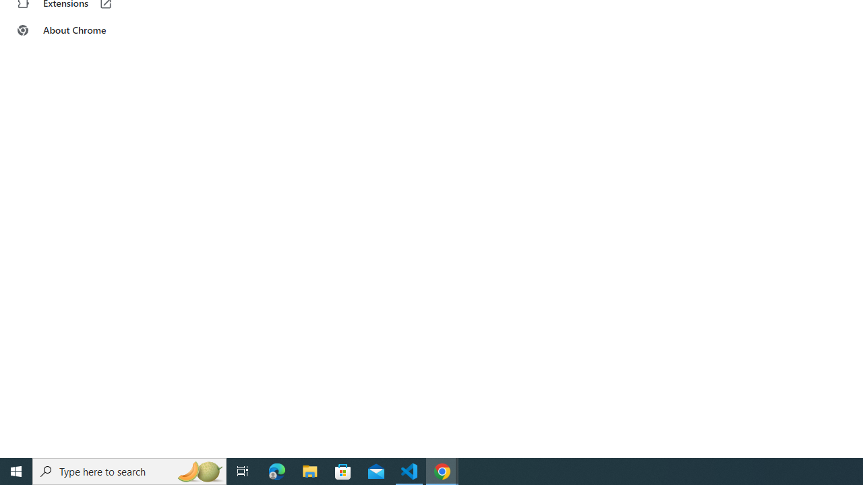 This screenshot has width=863, height=485. What do you see at coordinates (83, 30) in the screenshot?
I see `'About Chrome'` at bounding box center [83, 30].